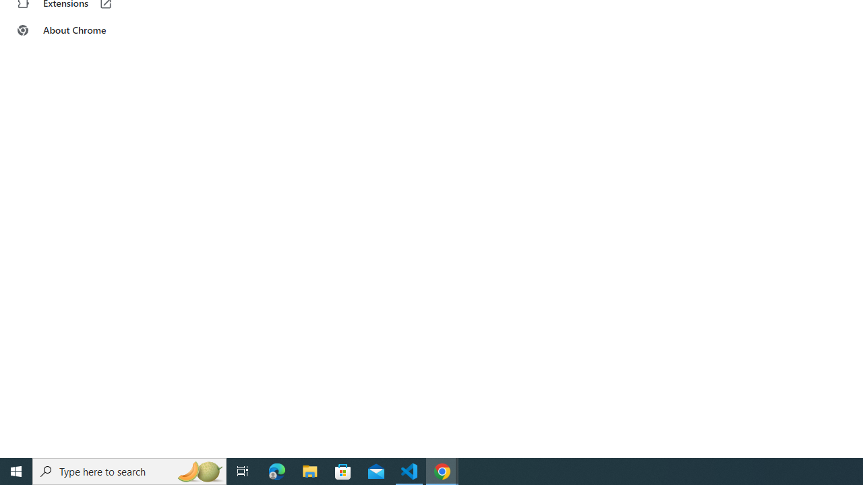 This screenshot has width=863, height=485. What do you see at coordinates (83, 30) in the screenshot?
I see `'About Chrome'` at bounding box center [83, 30].